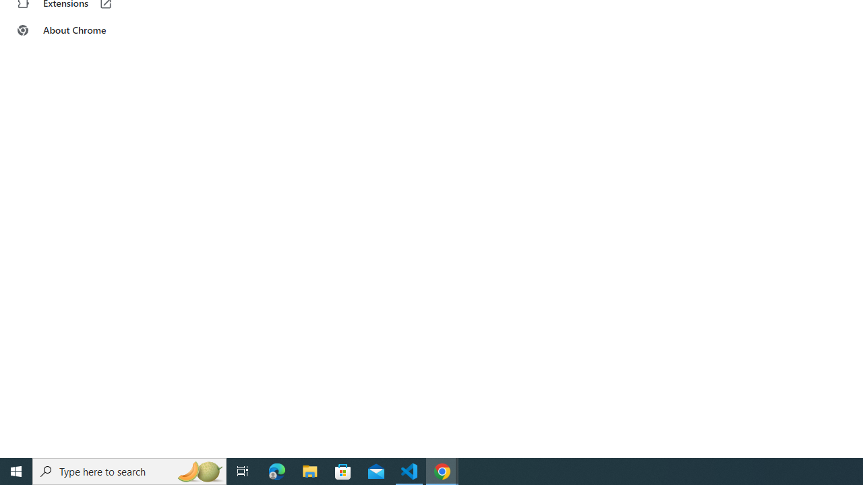 This screenshot has width=863, height=485. What do you see at coordinates (83, 30) in the screenshot?
I see `'About Chrome'` at bounding box center [83, 30].